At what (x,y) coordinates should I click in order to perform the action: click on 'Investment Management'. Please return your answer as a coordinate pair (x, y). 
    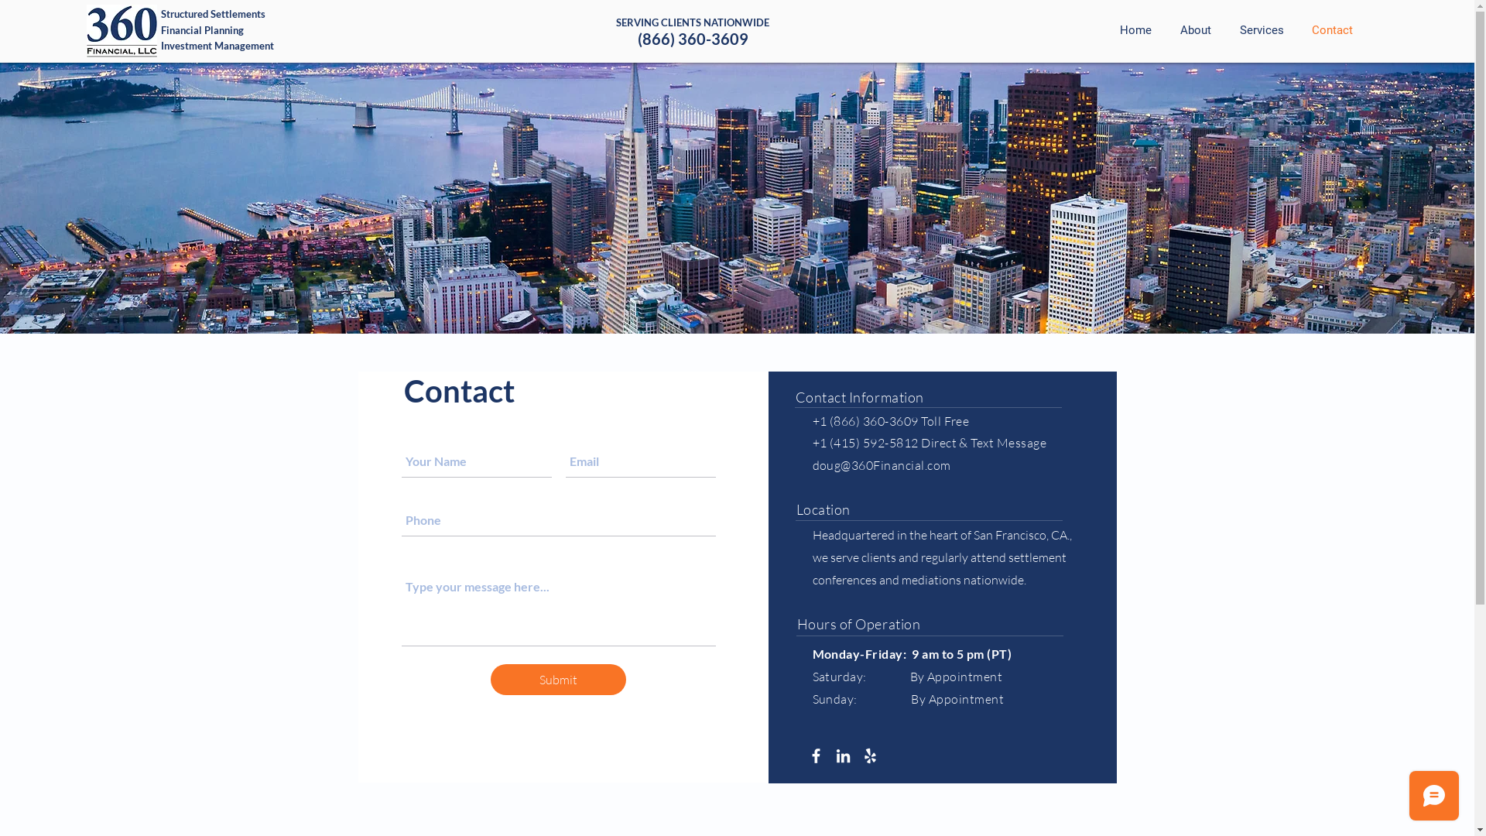
    Looking at the image, I should click on (217, 44).